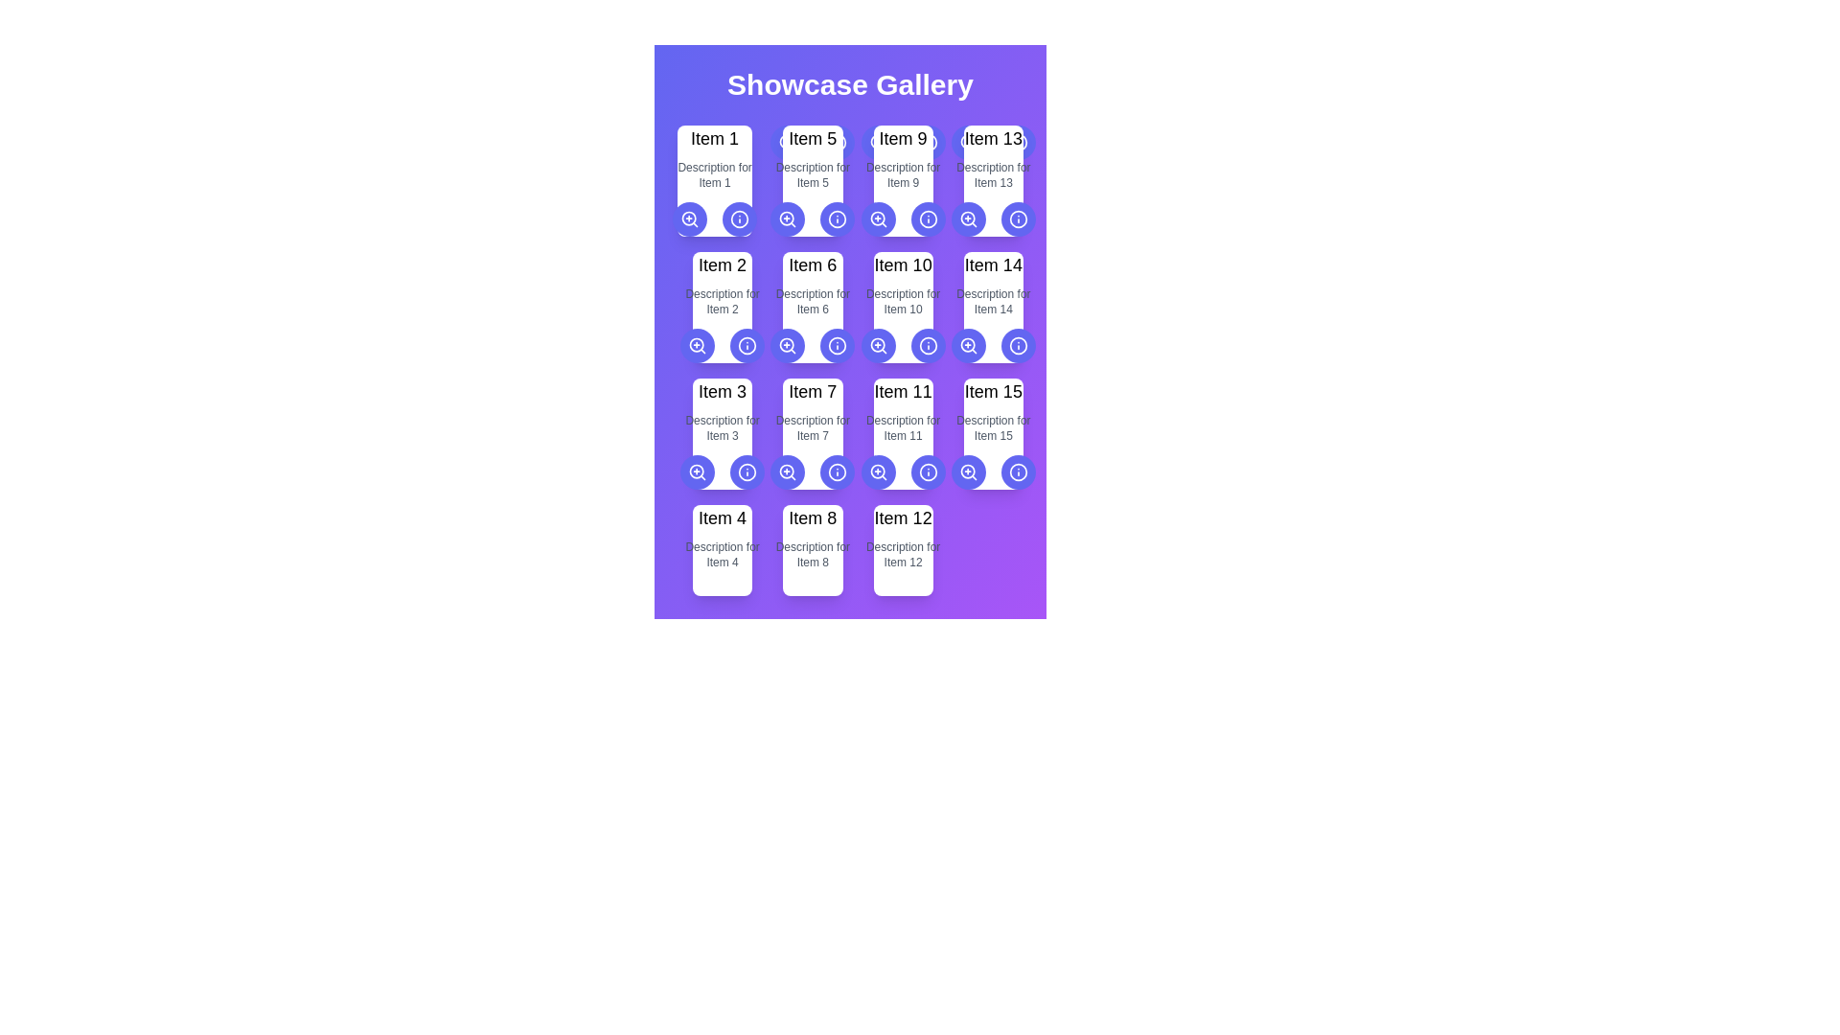 This screenshot has height=1035, width=1840. I want to click on the magnifying glass button in the horizontal button group located below the title and description of 'Item 13.', so click(993, 142).